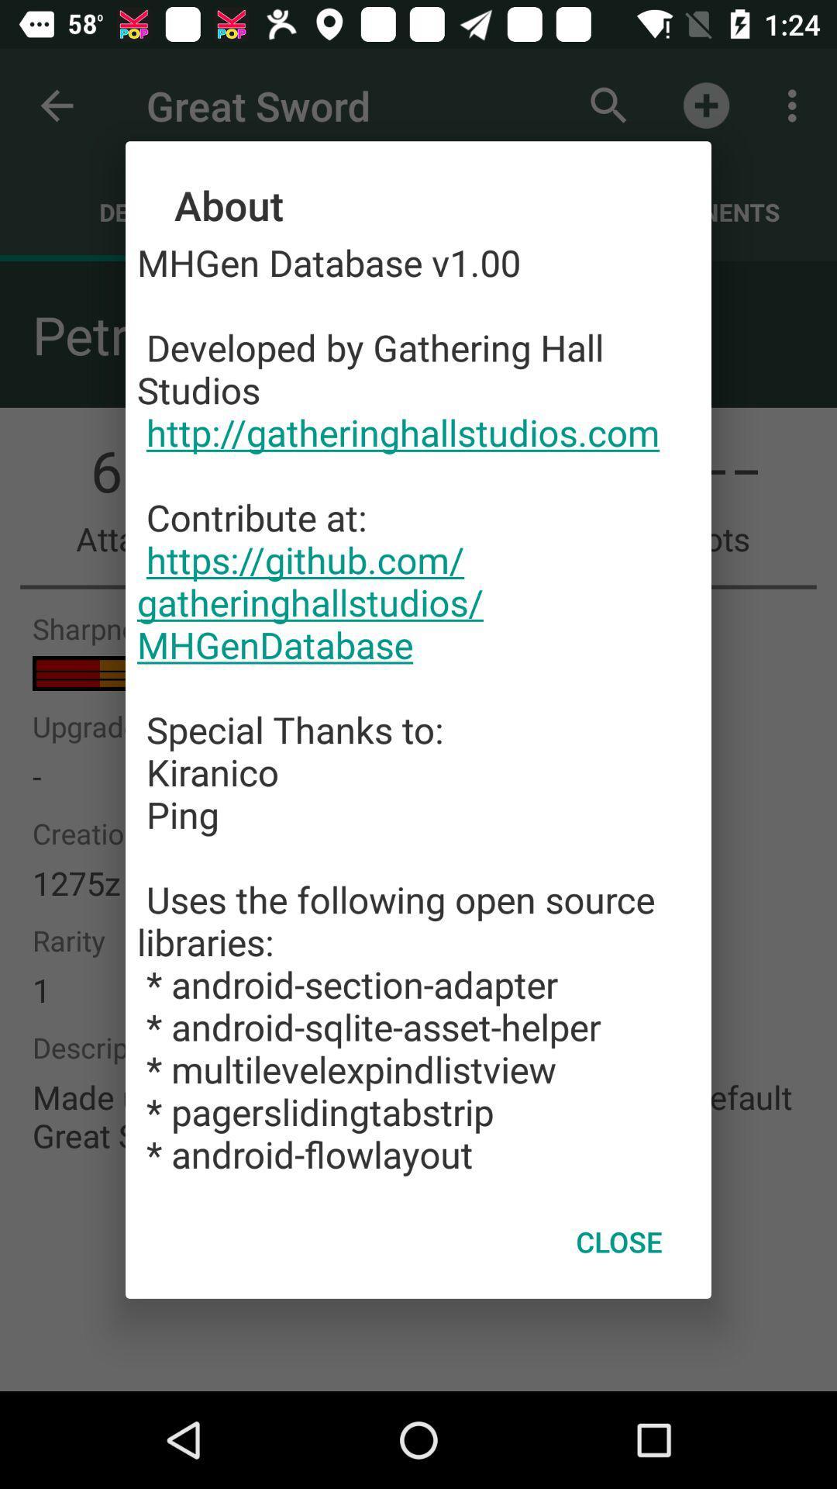 The height and width of the screenshot is (1489, 837). I want to click on icon below about icon, so click(418, 707).